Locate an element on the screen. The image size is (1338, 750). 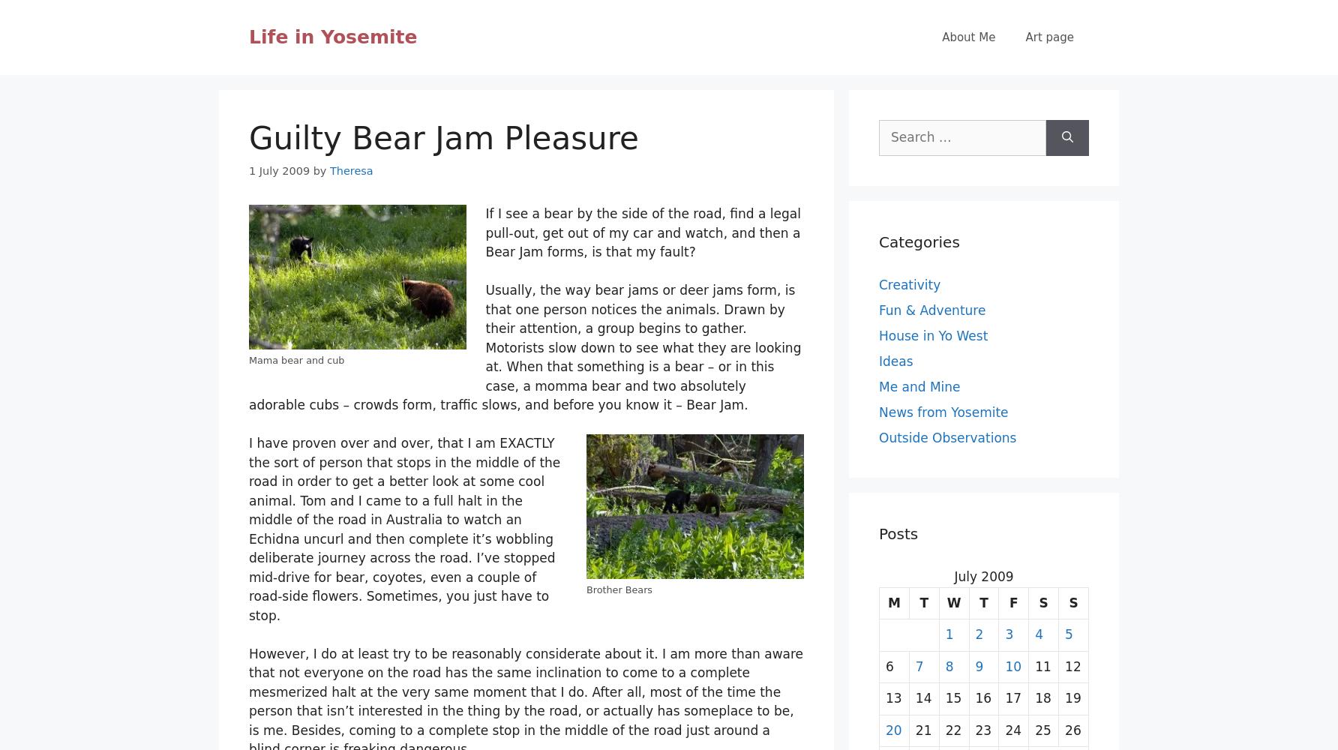
'2' is located at coordinates (978, 634).